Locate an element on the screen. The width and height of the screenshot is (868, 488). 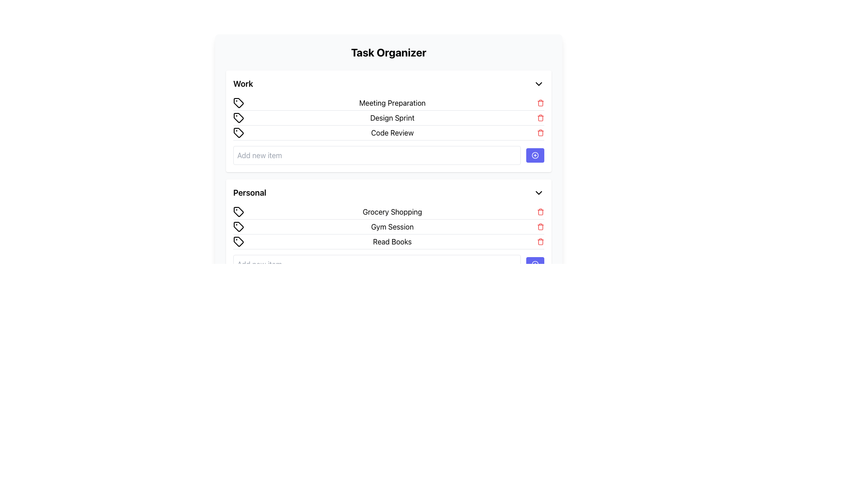
the red-colored trash can icon is located at coordinates (540, 117).